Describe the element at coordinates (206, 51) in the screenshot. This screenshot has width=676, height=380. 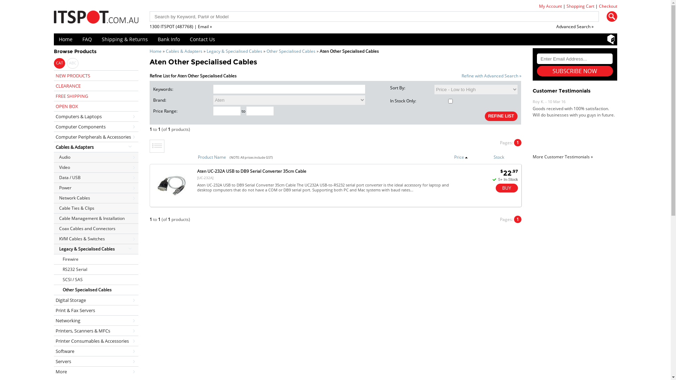
I see `'Legacy & Specialised Cables'` at that location.